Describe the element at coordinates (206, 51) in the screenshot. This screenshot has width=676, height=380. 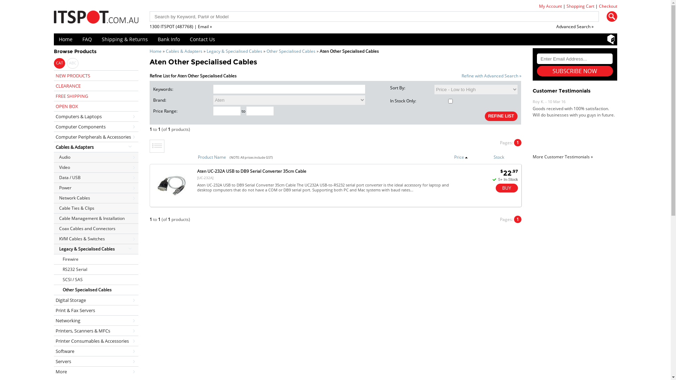
I see `'Legacy & Specialised Cables'` at that location.